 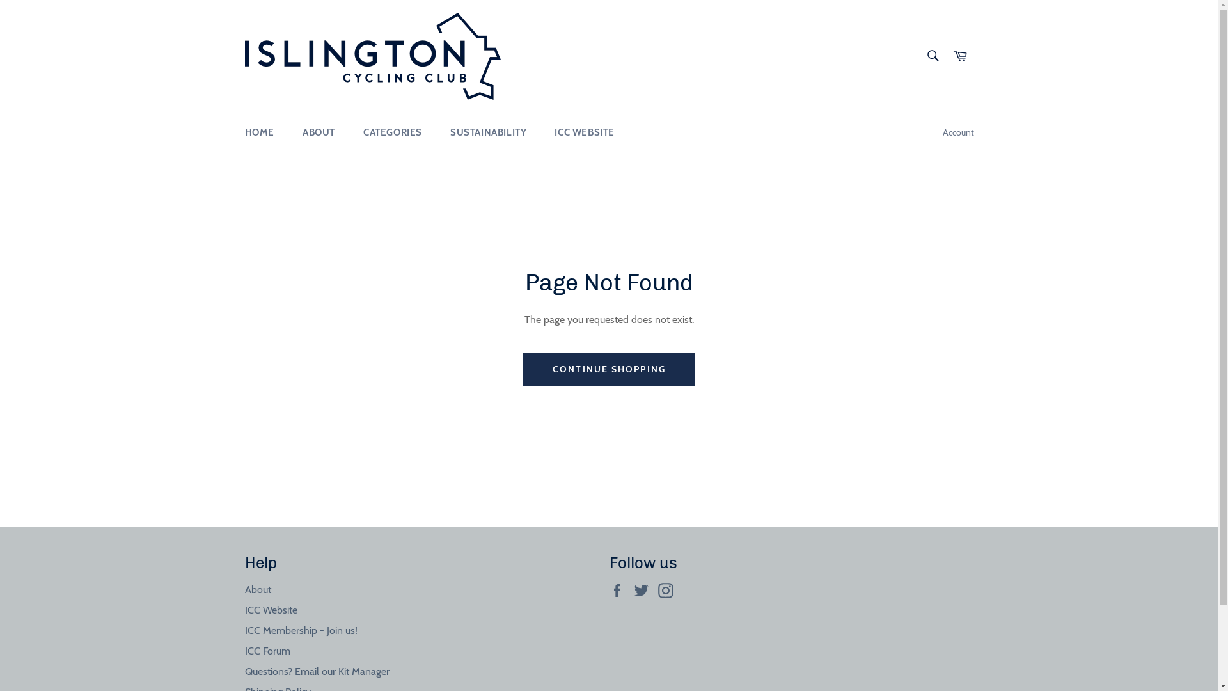 What do you see at coordinates (657, 590) in the screenshot?
I see `'Instagram'` at bounding box center [657, 590].